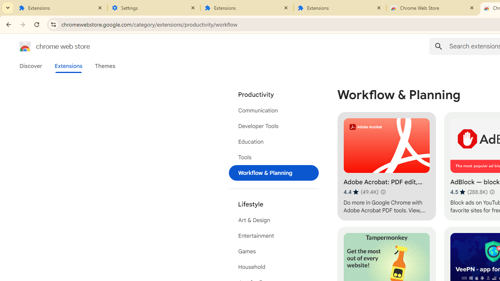 The height and width of the screenshot is (281, 500). Describe the element at coordinates (273, 125) in the screenshot. I see `'Developer Tools'` at that location.